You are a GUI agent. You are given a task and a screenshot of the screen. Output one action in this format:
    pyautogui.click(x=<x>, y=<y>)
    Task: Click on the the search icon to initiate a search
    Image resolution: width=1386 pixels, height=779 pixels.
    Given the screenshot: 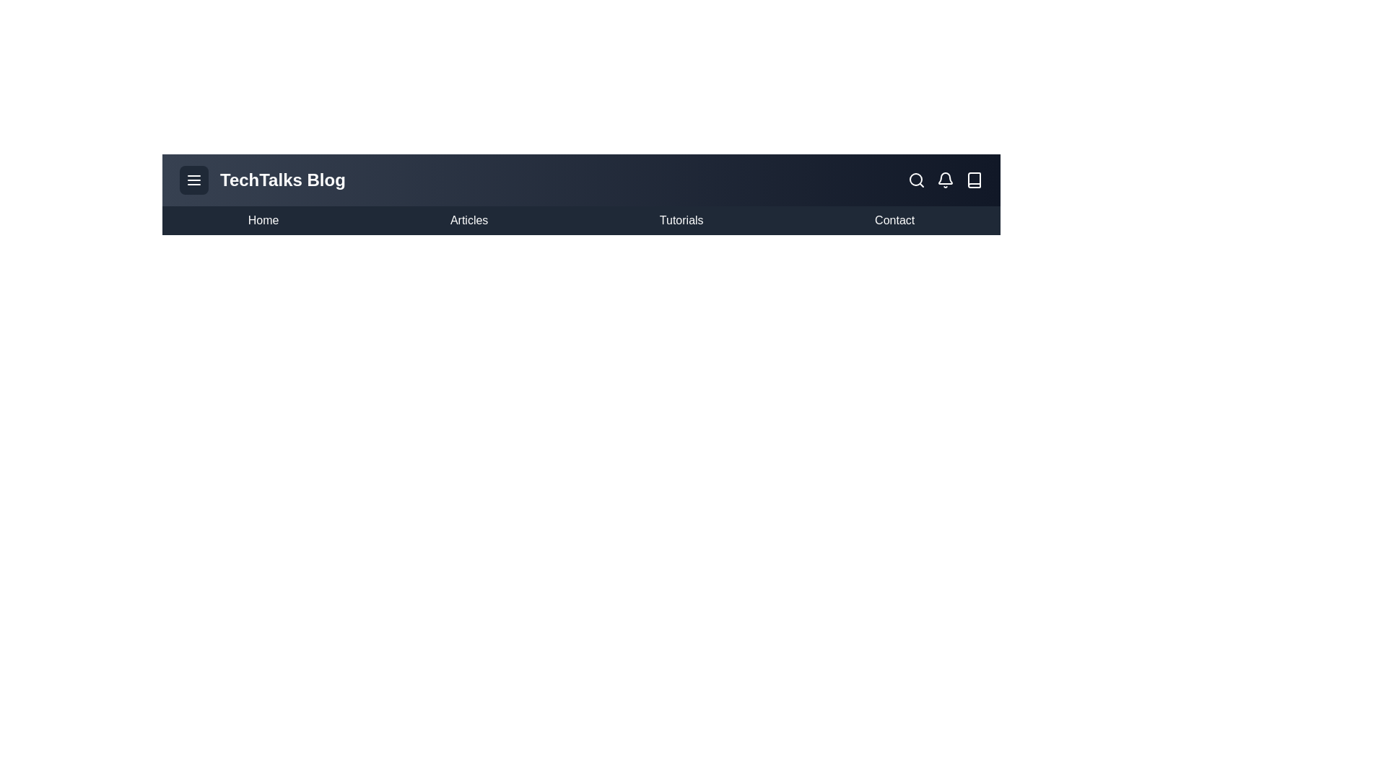 What is the action you would take?
    pyautogui.click(x=916, y=180)
    